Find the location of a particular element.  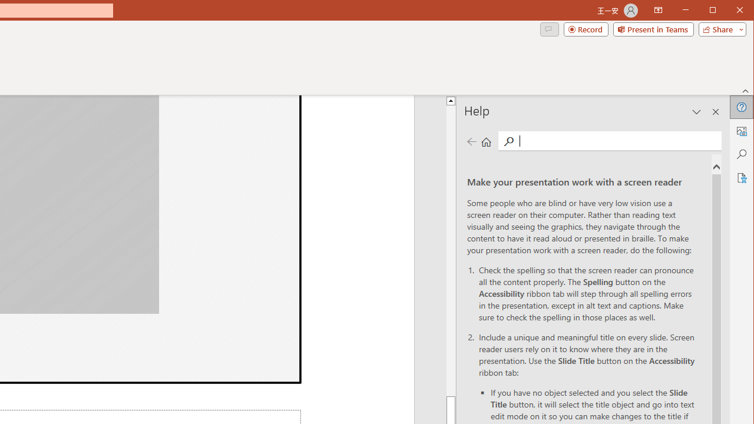

'Previous page' is located at coordinates (471, 141).